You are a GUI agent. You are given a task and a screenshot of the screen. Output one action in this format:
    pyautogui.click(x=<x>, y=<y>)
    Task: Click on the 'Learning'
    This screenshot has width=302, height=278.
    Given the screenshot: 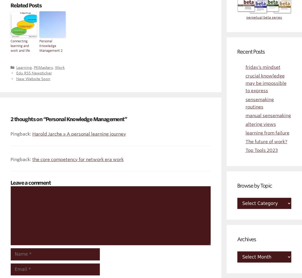 What is the action you would take?
    pyautogui.click(x=23, y=67)
    